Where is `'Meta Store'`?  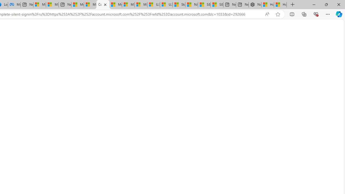 'Meta Store' is located at coordinates (14, 5).